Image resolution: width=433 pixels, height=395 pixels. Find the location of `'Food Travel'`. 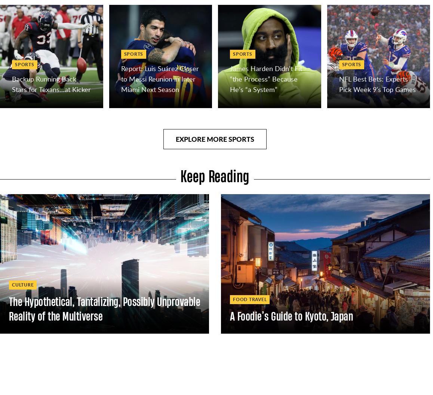

'Food Travel' is located at coordinates (250, 299).